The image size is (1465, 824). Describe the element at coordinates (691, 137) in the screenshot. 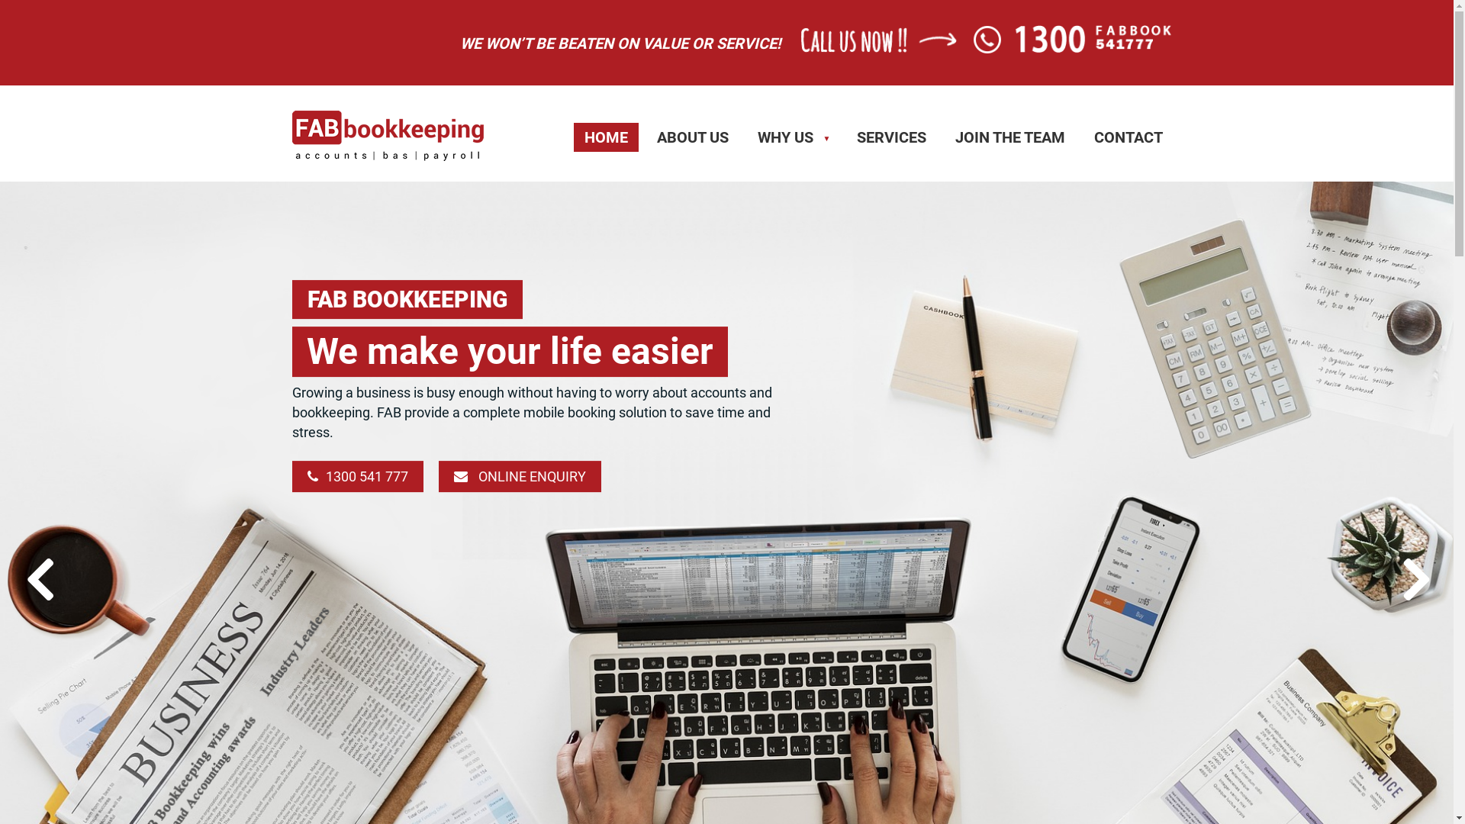

I see `'ABOUT US'` at that location.